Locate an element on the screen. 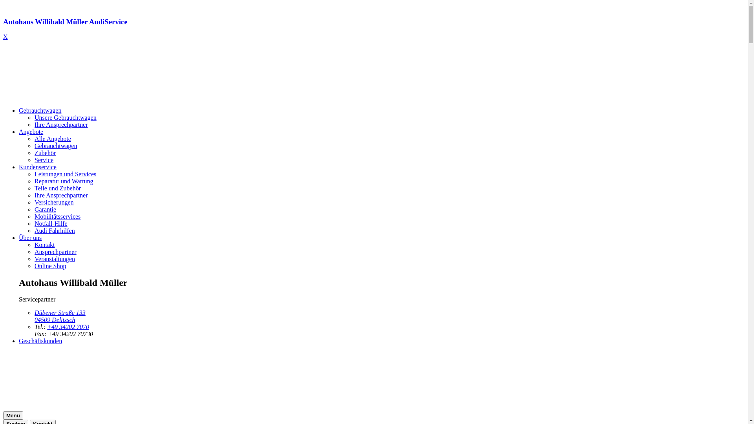 The width and height of the screenshot is (754, 424). 'Kundenservice' is located at coordinates (37, 166).